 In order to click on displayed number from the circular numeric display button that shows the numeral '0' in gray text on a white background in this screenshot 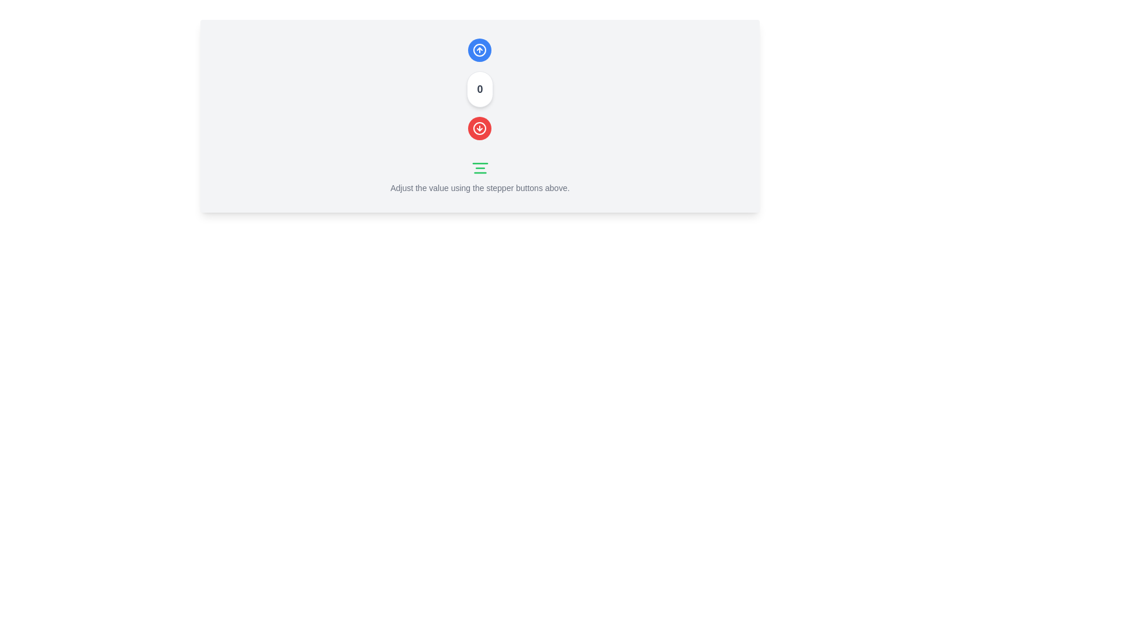, I will do `click(480, 89)`.